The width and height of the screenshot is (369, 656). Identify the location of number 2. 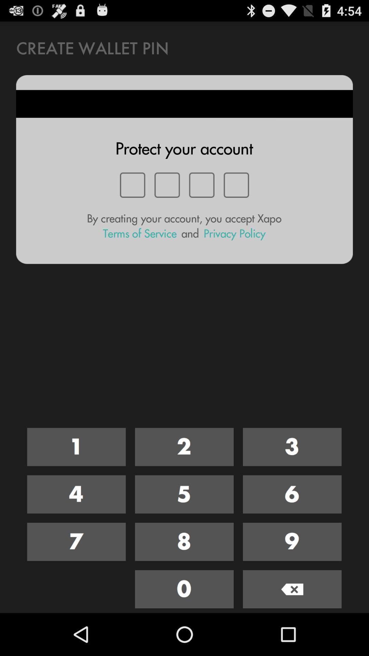
(184, 447).